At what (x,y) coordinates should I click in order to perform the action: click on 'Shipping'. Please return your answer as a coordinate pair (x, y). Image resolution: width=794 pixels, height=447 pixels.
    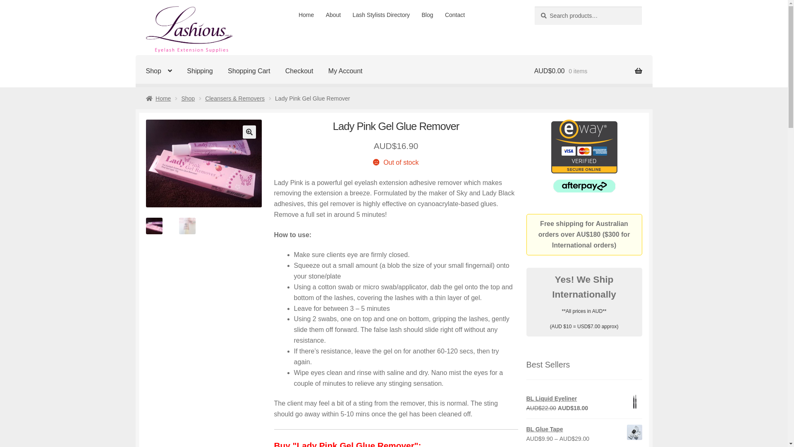
    Looking at the image, I should click on (180, 71).